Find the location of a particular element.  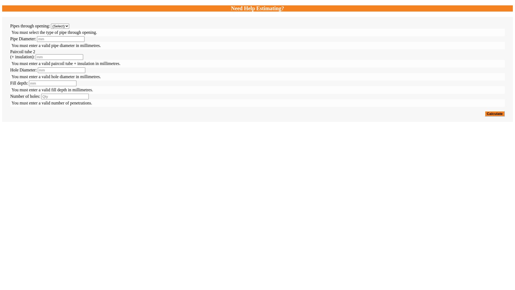

'Calculate' is located at coordinates (494, 113).